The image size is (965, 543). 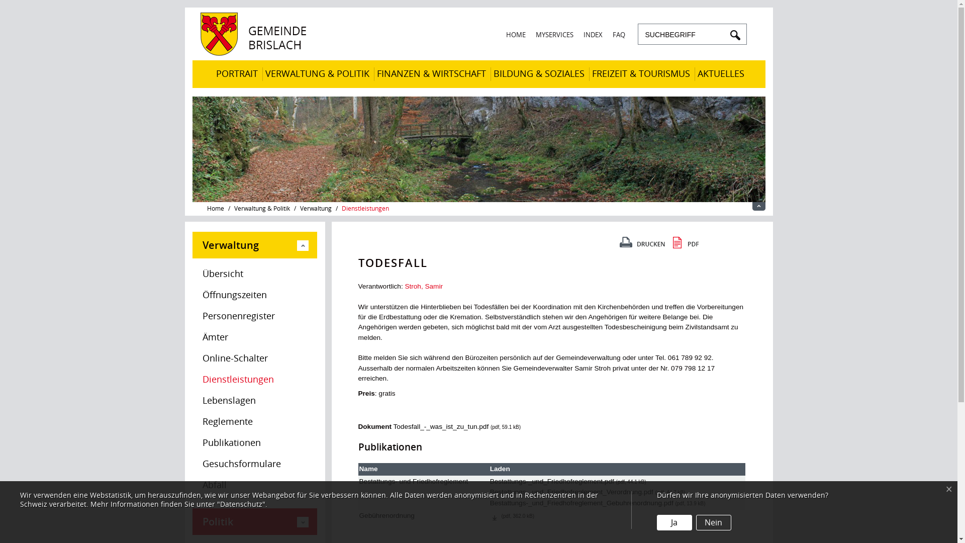 I want to click on 'FAQ', so click(x=618, y=34).